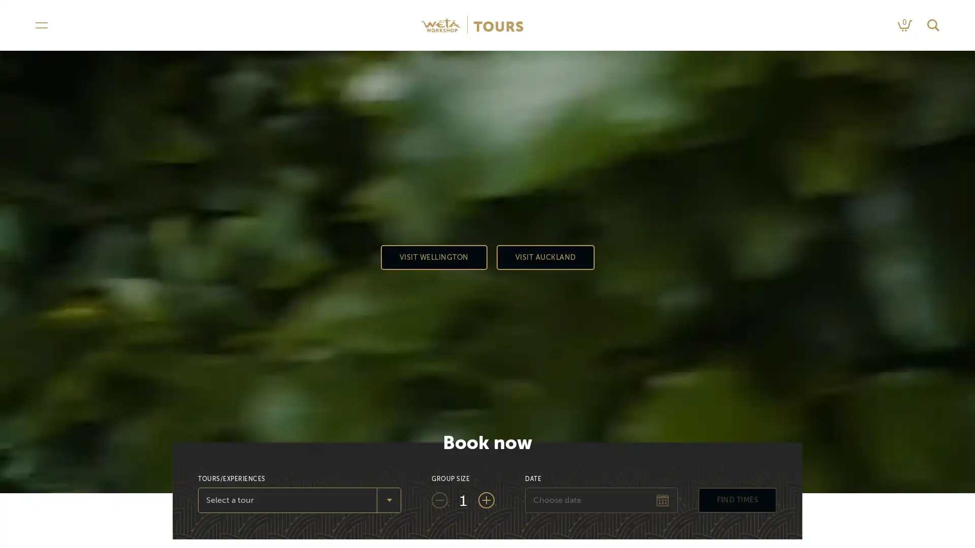 This screenshot has width=975, height=548. I want to click on Add one, so click(486, 499).